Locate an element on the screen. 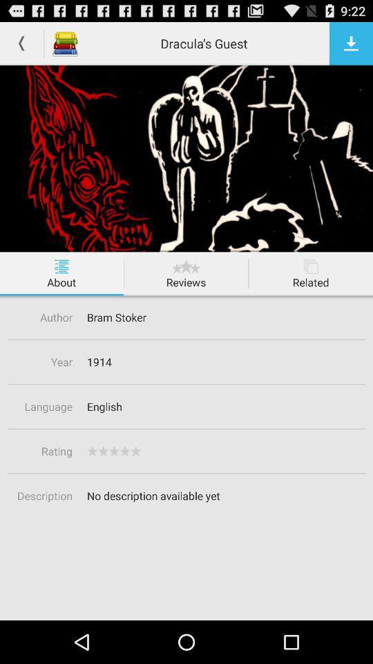 Image resolution: width=373 pixels, height=664 pixels. download is located at coordinates (351, 43).